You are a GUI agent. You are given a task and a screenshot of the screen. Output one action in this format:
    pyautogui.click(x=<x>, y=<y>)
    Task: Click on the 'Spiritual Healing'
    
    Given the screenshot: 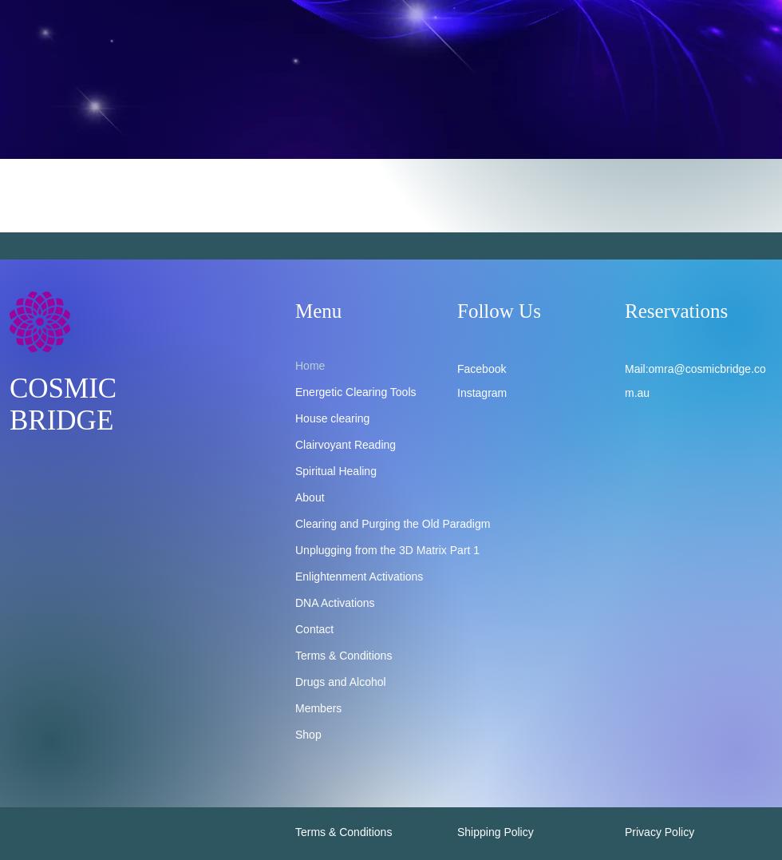 What is the action you would take?
    pyautogui.click(x=335, y=470)
    